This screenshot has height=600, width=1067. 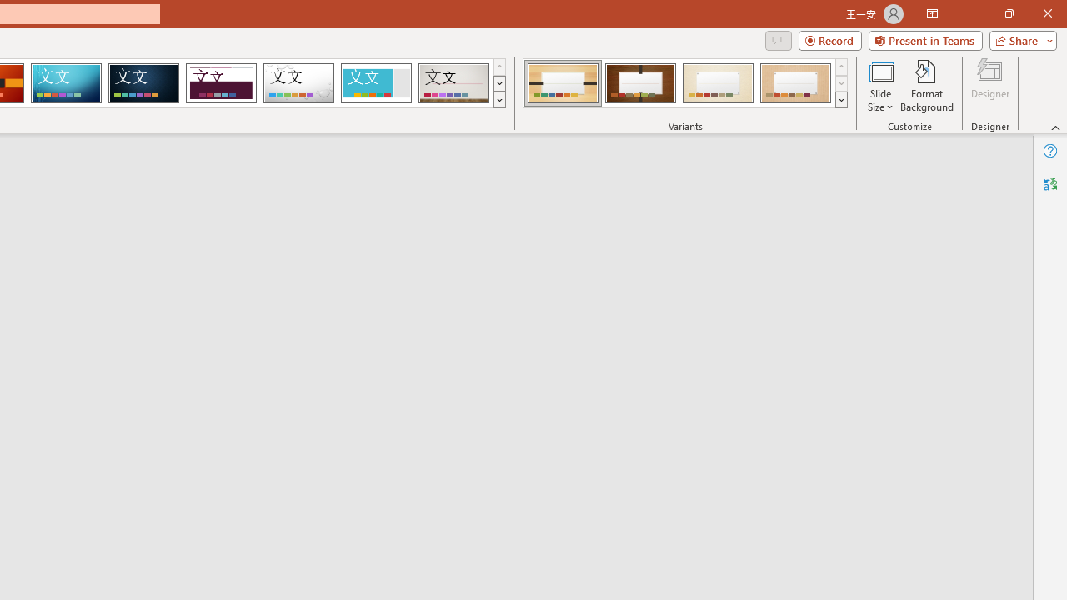 What do you see at coordinates (841, 100) in the screenshot?
I see `'Variants'` at bounding box center [841, 100].